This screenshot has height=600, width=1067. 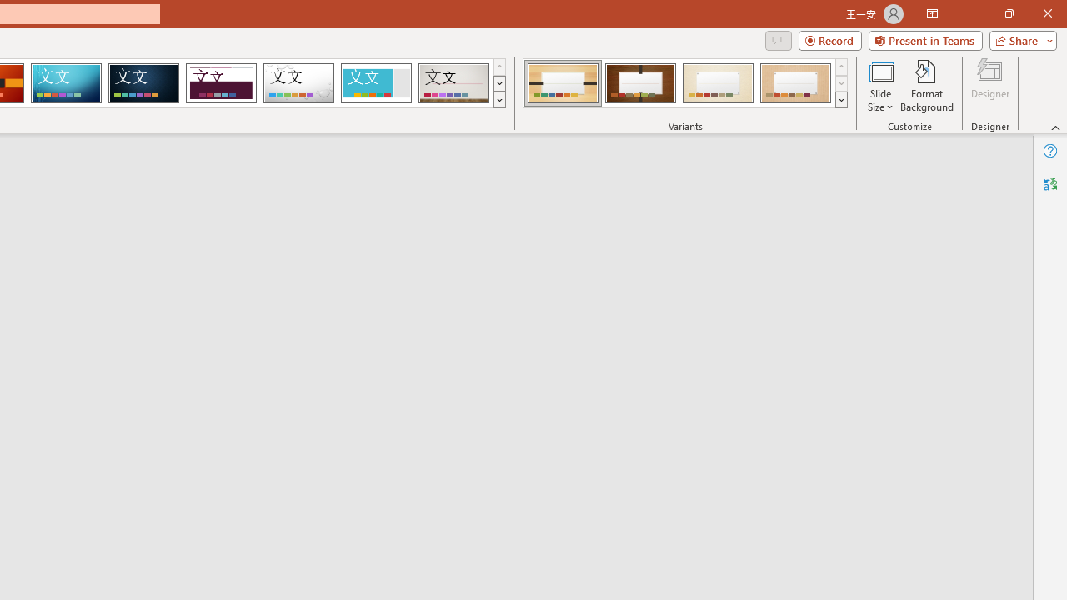 What do you see at coordinates (841, 100) in the screenshot?
I see `'Variants'` at bounding box center [841, 100].